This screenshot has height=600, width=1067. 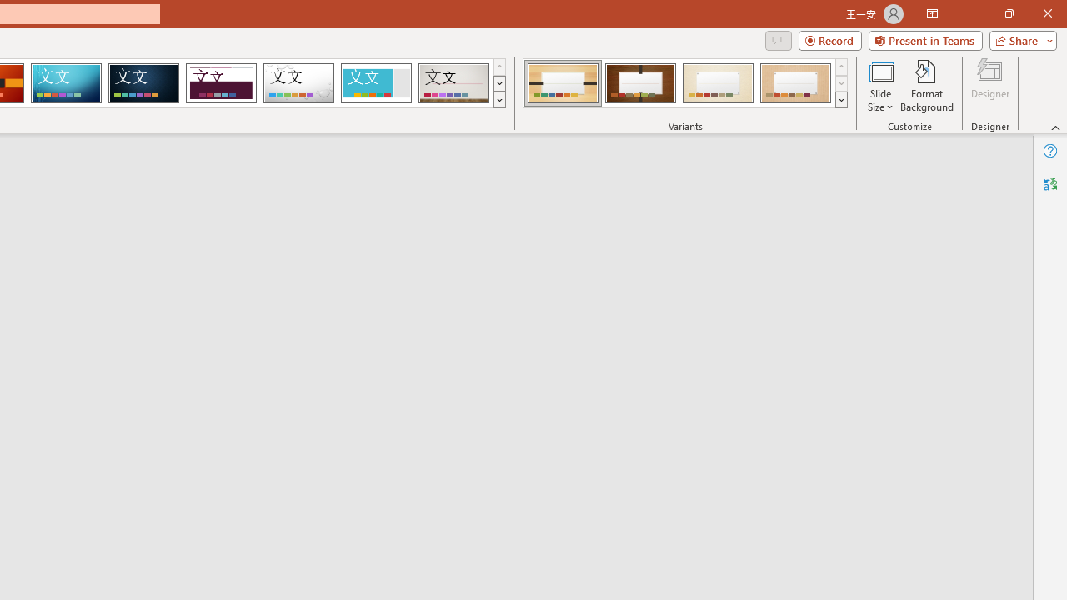 What do you see at coordinates (841, 100) in the screenshot?
I see `'Variants'` at bounding box center [841, 100].